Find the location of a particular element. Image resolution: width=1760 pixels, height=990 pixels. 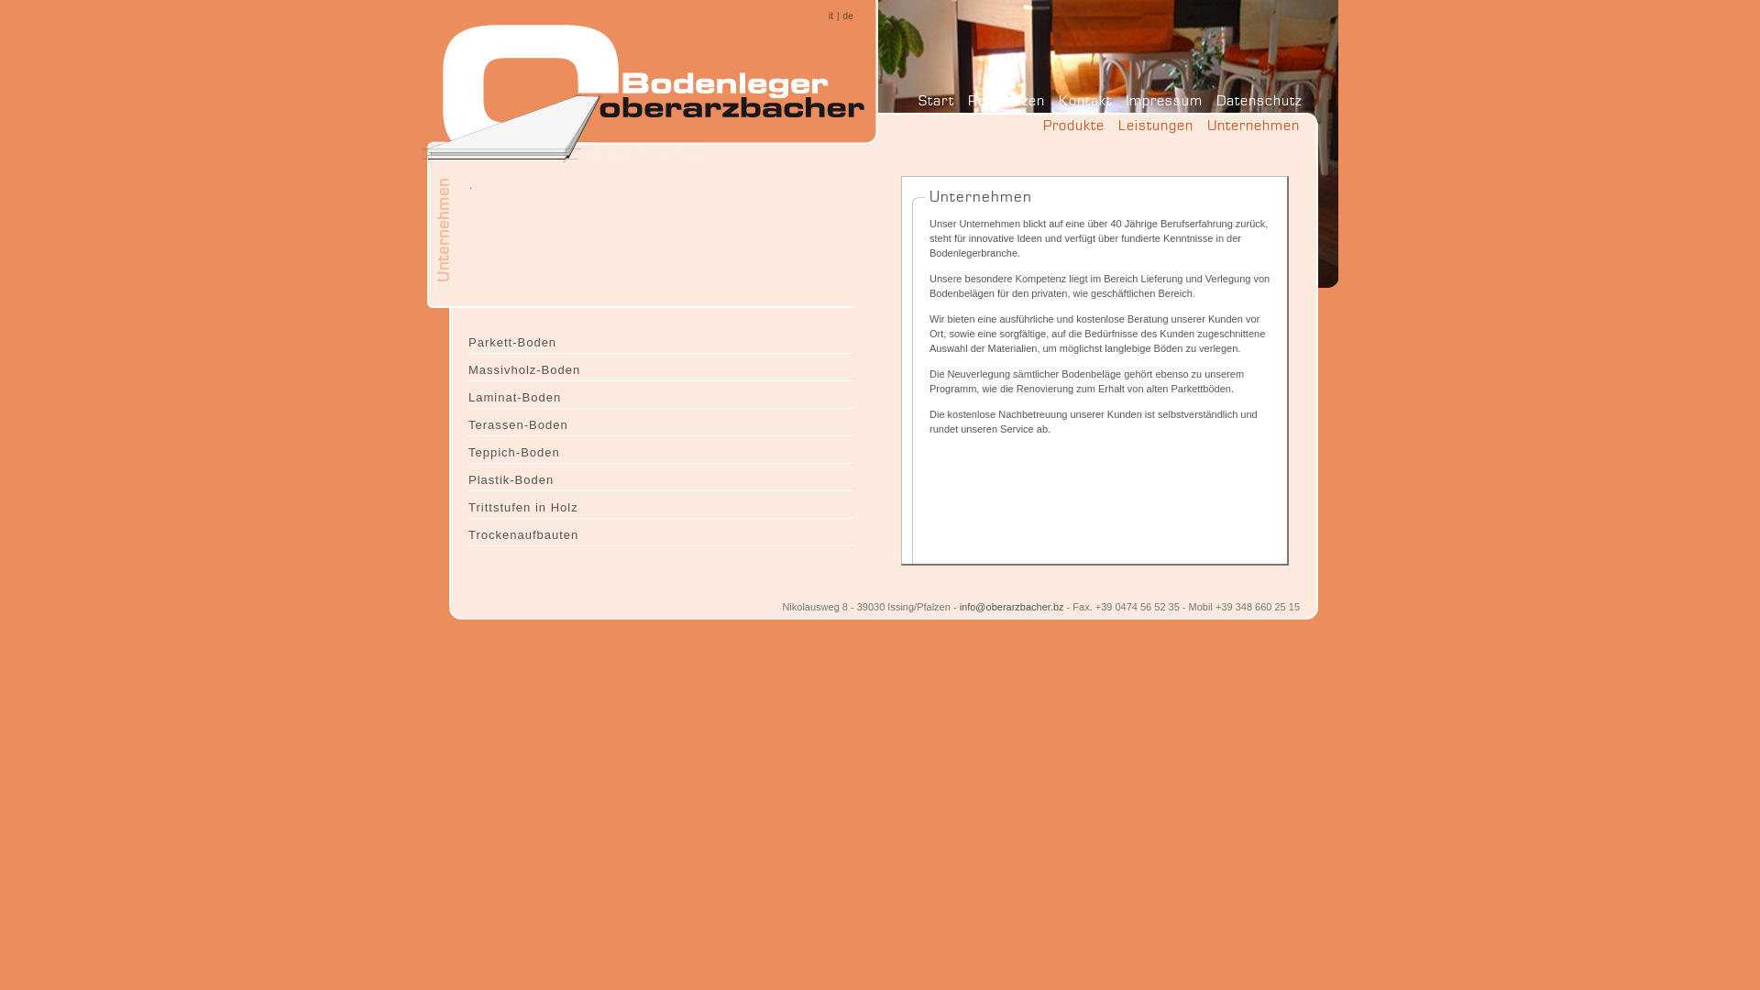

'Teppich-Boden' is located at coordinates (660, 449).